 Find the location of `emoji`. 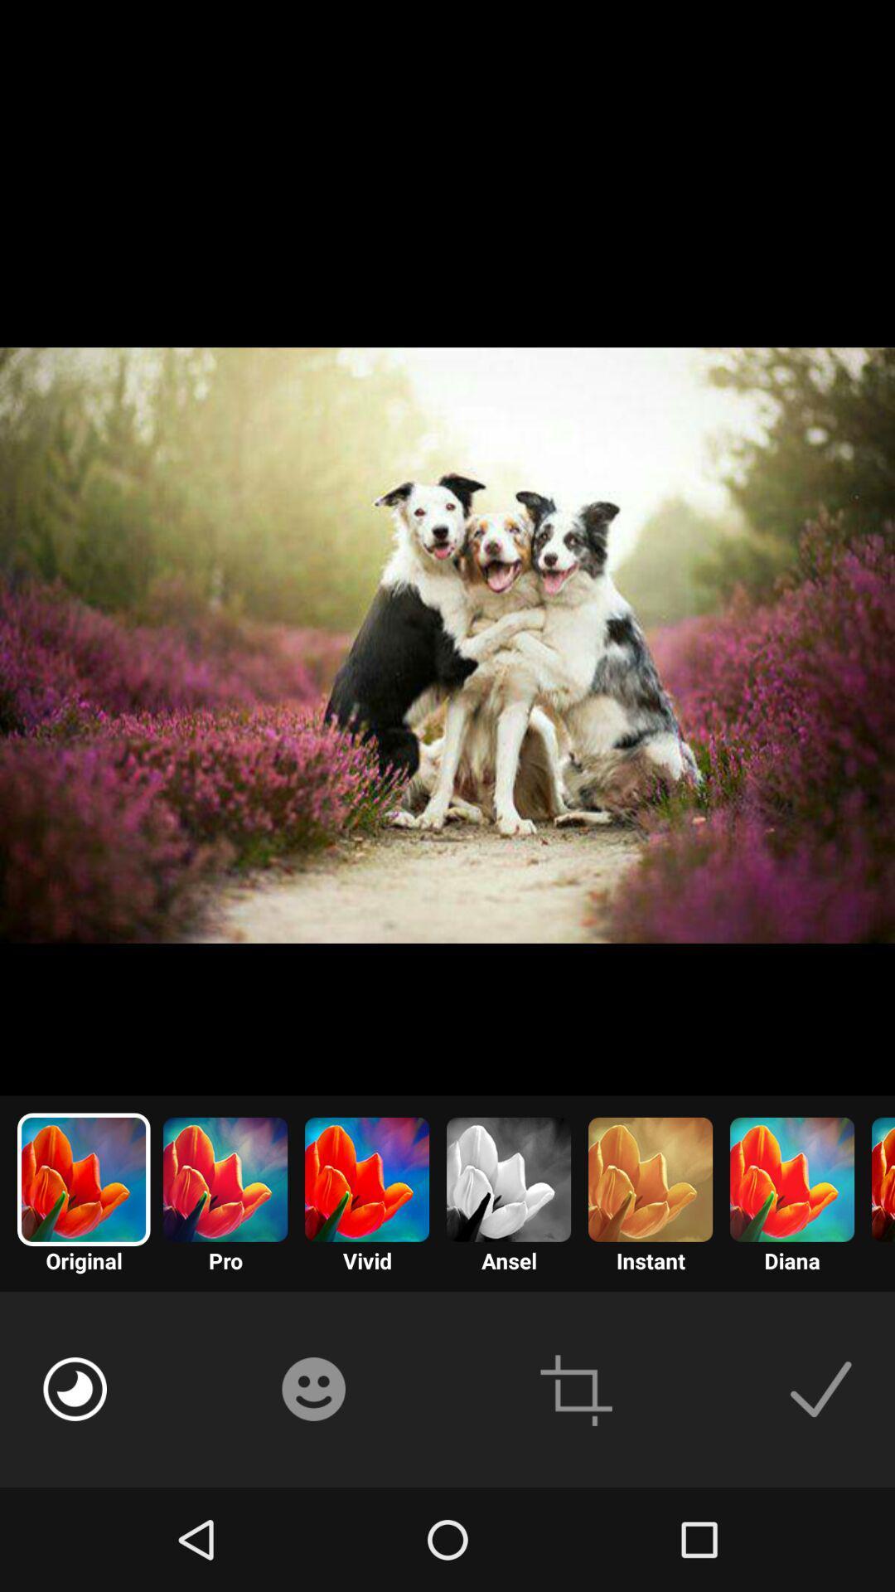

emoji is located at coordinates (313, 1389).